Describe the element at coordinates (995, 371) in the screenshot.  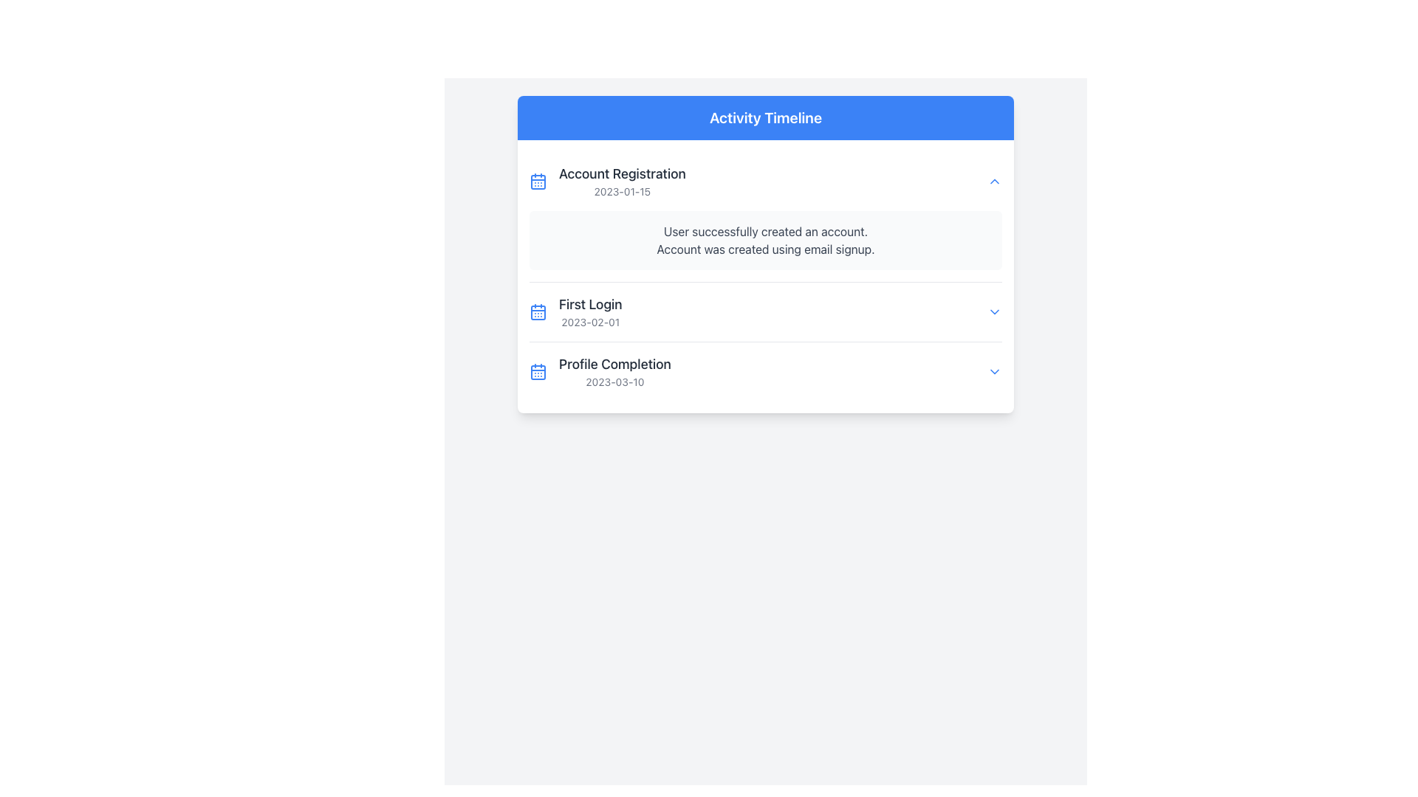
I see `the chevron down icon located at the right side of the 'Profile Completion' entry` at that location.